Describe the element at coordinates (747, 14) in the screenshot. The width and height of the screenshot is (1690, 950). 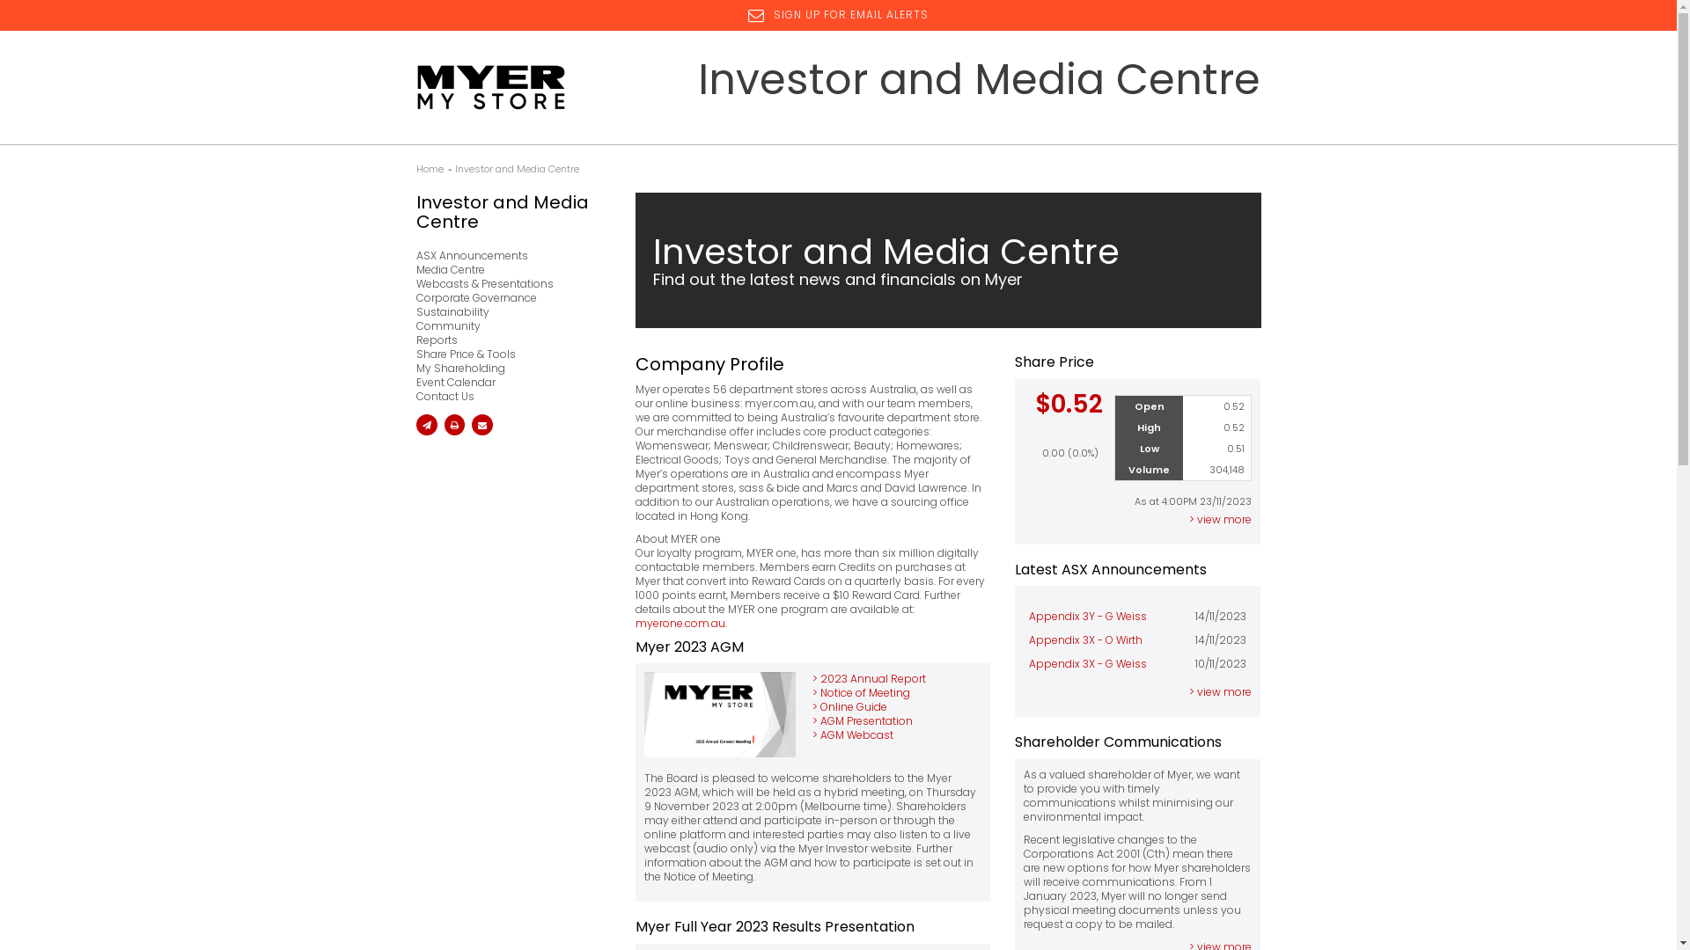
I see `'SIGN UP FOR EMAIL ALERTS'` at that location.